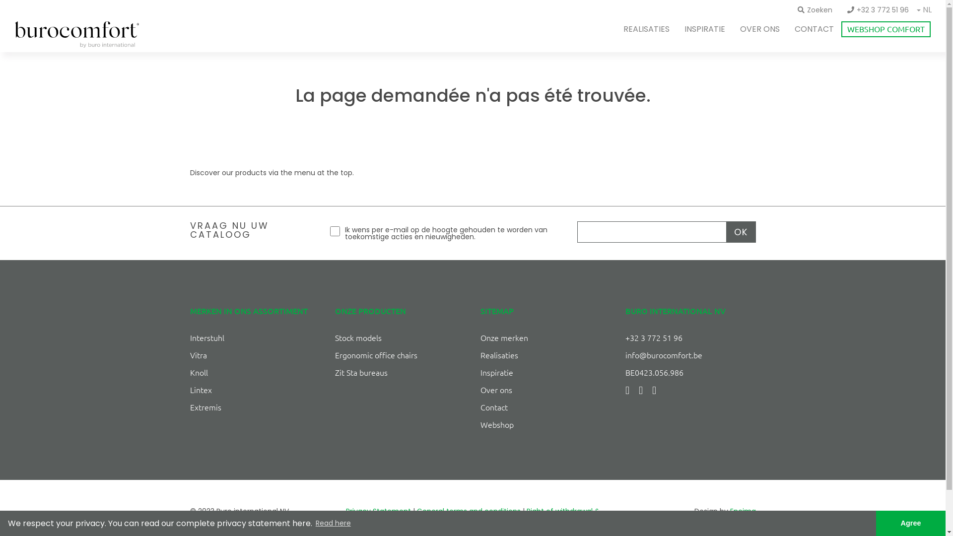 The height and width of the screenshot is (536, 953). I want to click on 'info@burocomfort.be', so click(664, 354).